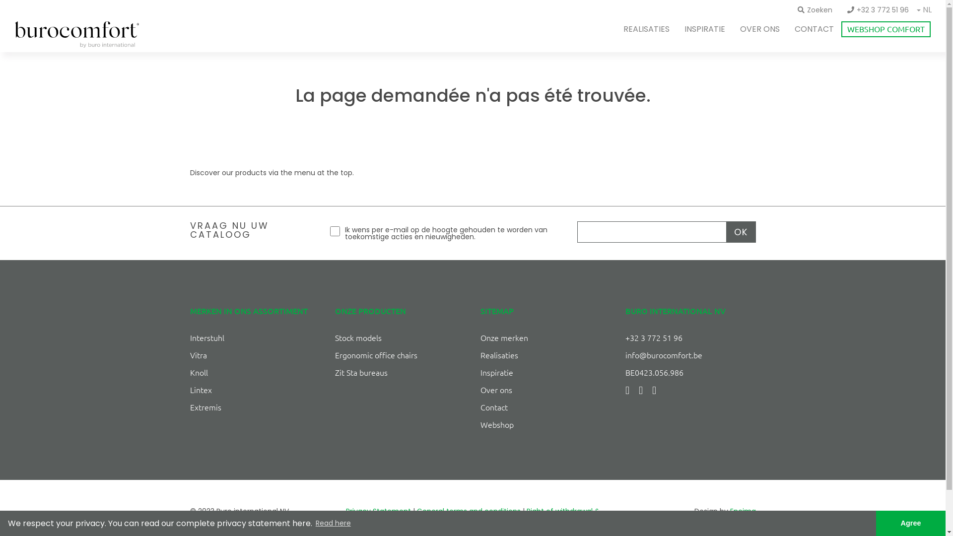 The height and width of the screenshot is (536, 953). I want to click on 'info@burocomfort.be', so click(664, 354).